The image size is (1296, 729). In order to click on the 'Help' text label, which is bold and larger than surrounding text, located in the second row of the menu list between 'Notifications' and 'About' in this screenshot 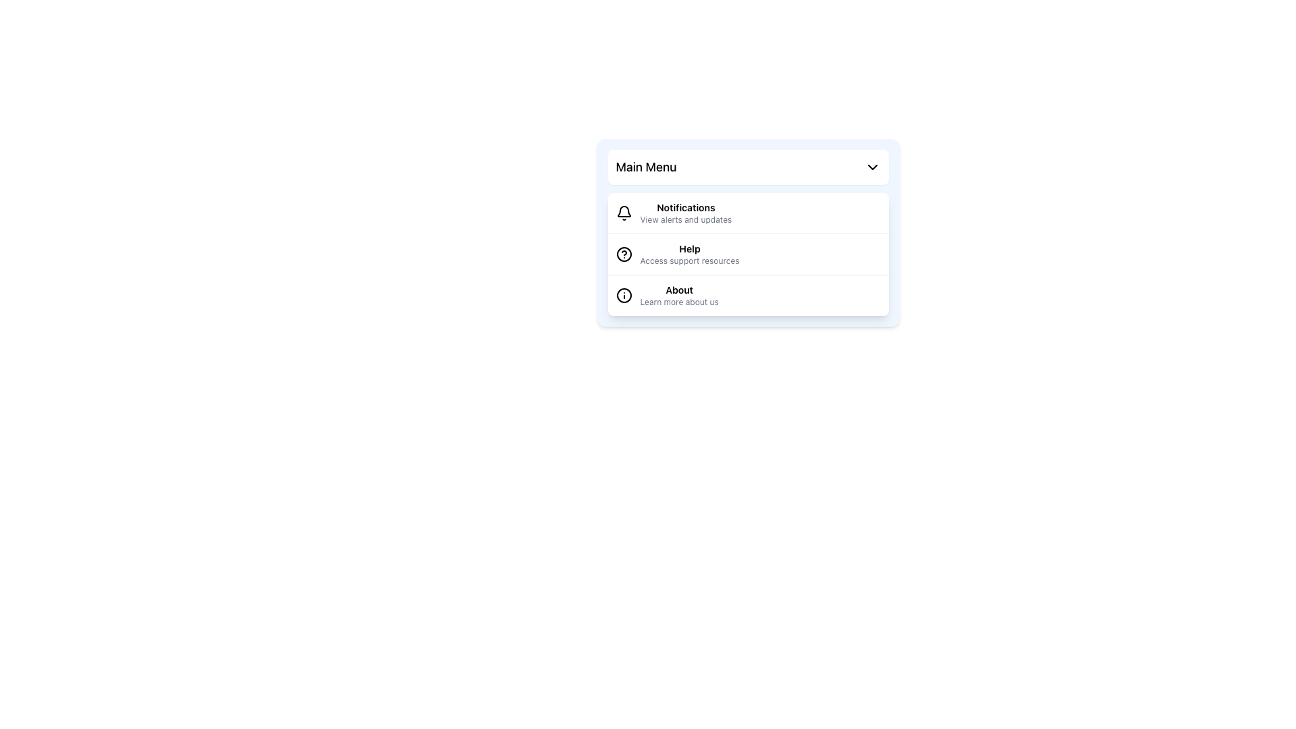, I will do `click(690, 249)`.